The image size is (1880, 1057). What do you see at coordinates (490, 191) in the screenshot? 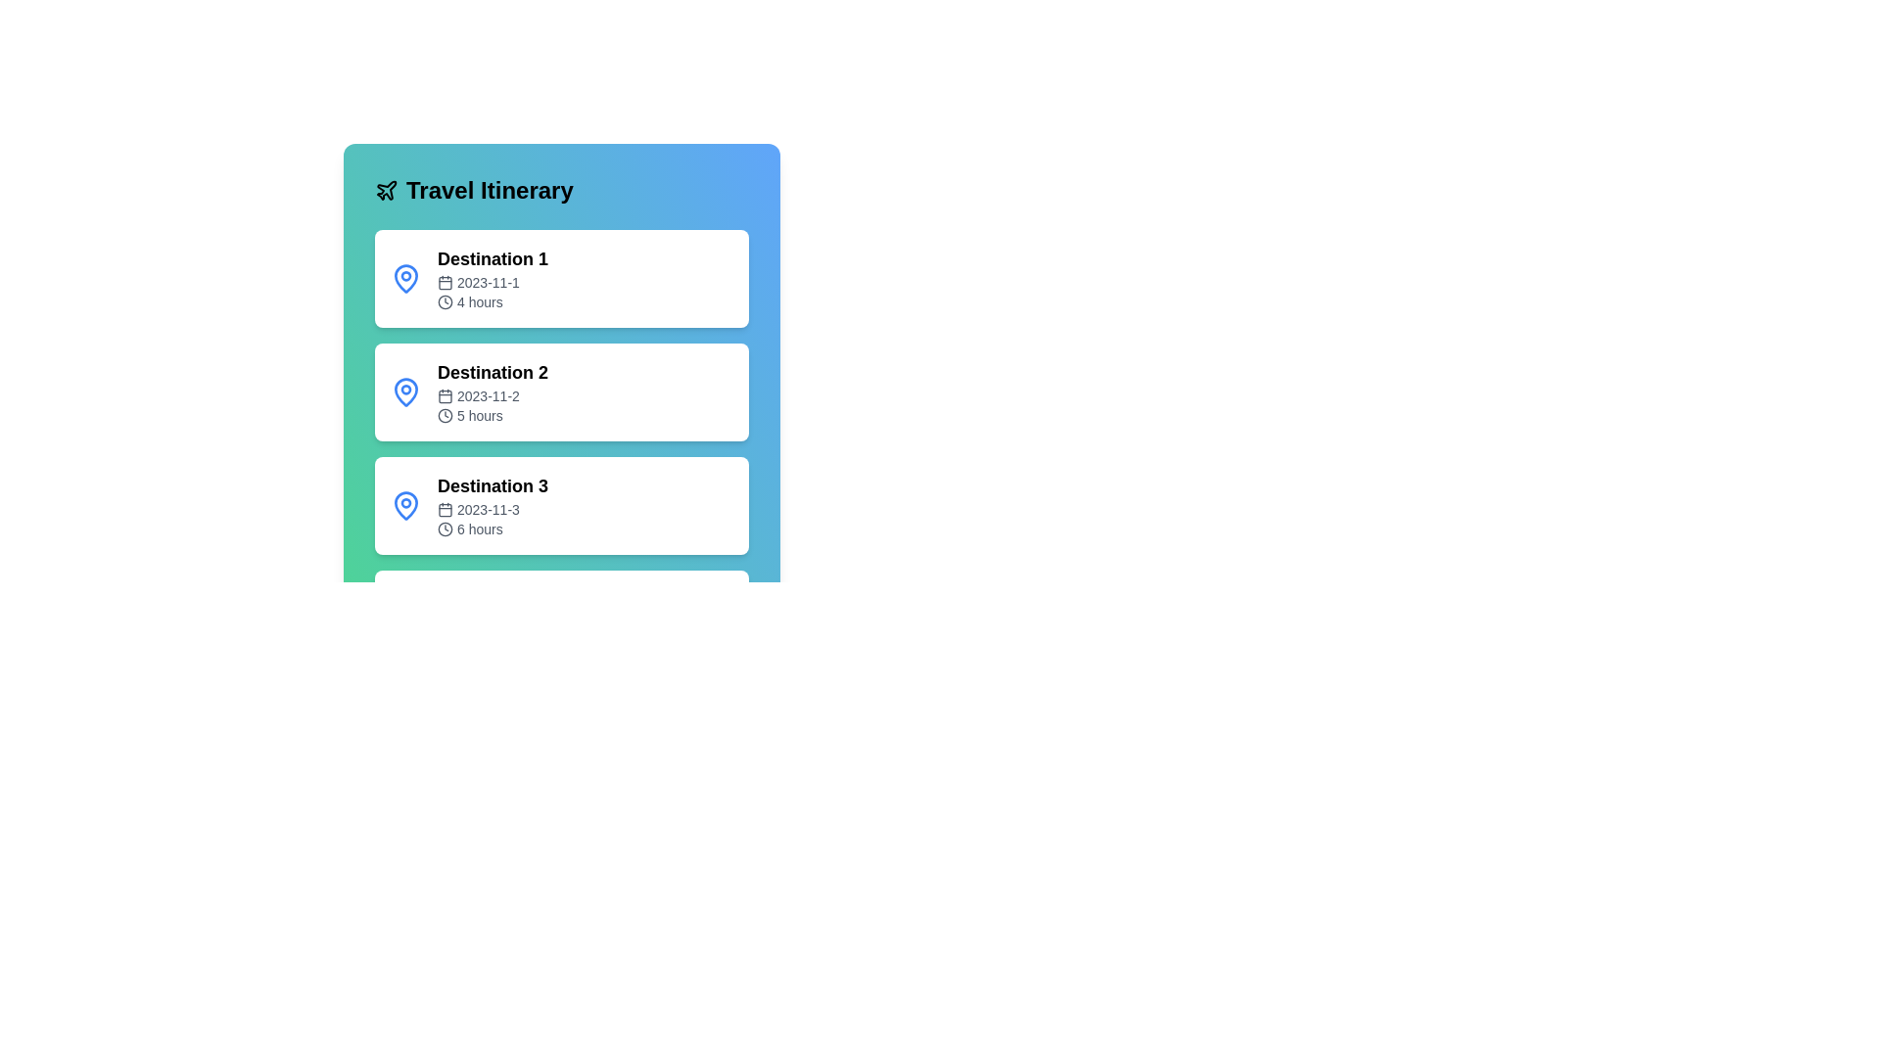
I see `the Header text located in the upper-left corner next to the airplane-style icon` at bounding box center [490, 191].